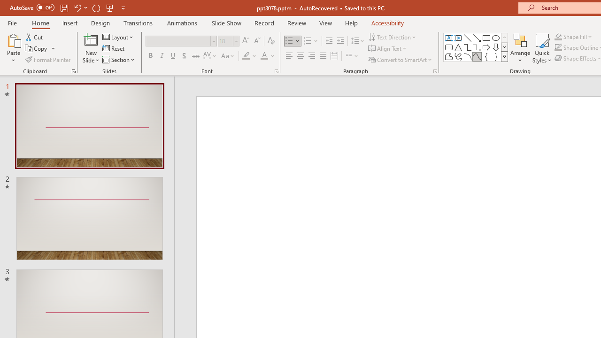 The image size is (601, 338). What do you see at coordinates (434, 70) in the screenshot?
I see `'Paragraph...'` at bounding box center [434, 70].